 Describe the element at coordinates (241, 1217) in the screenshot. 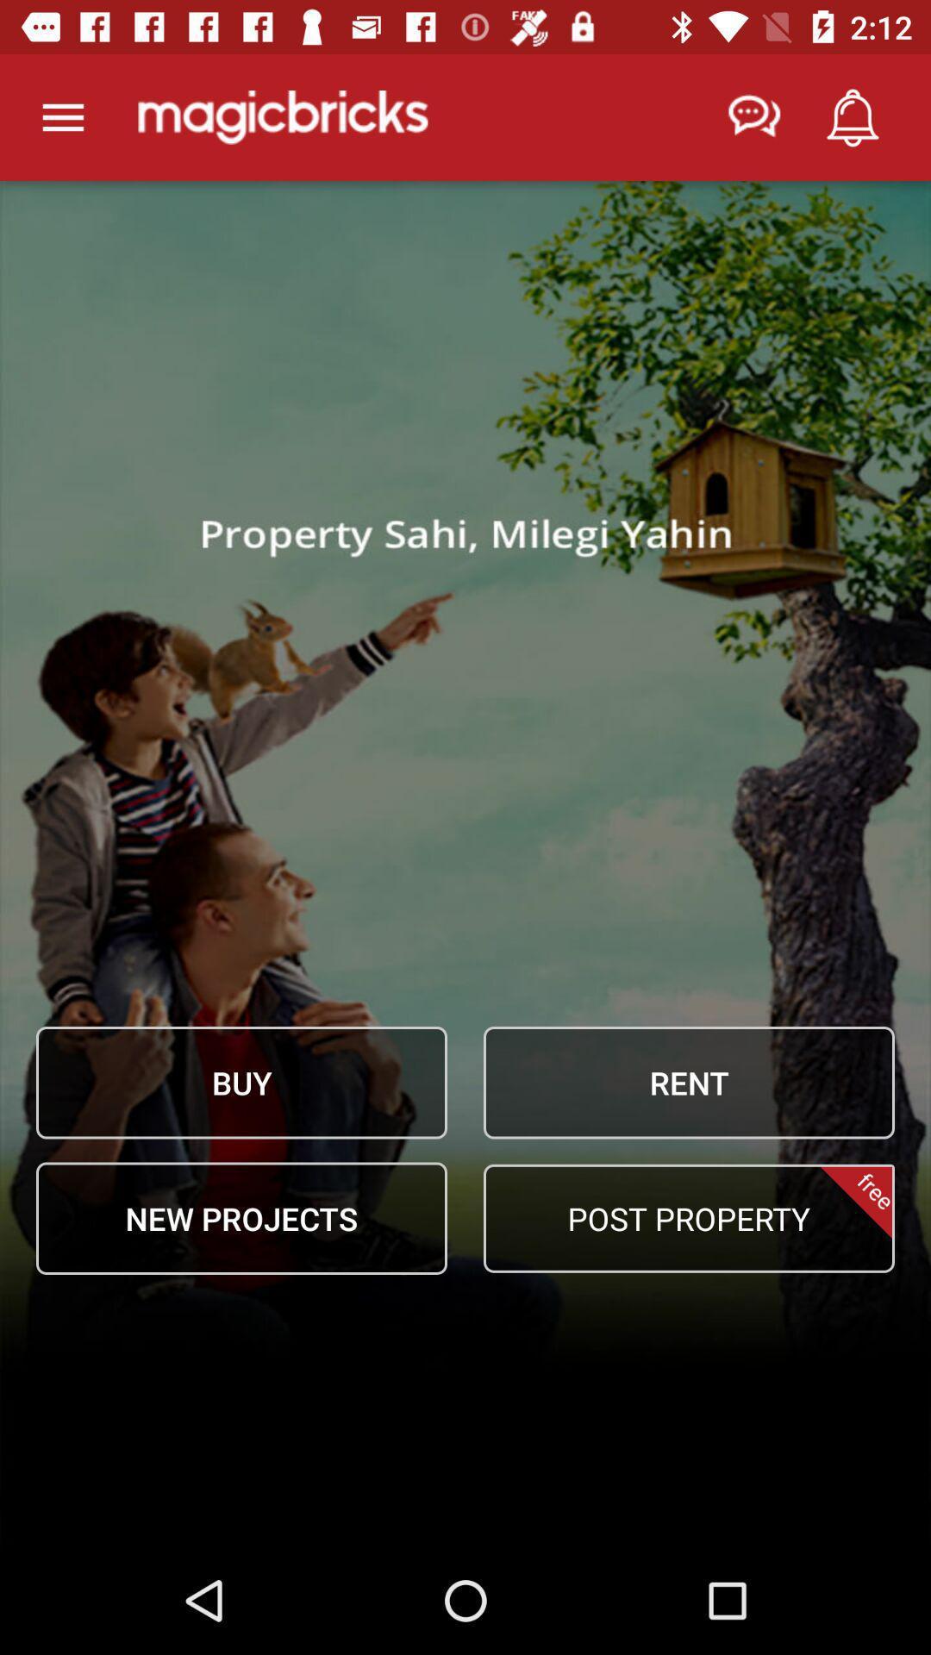

I see `item at the bottom left corner` at that location.